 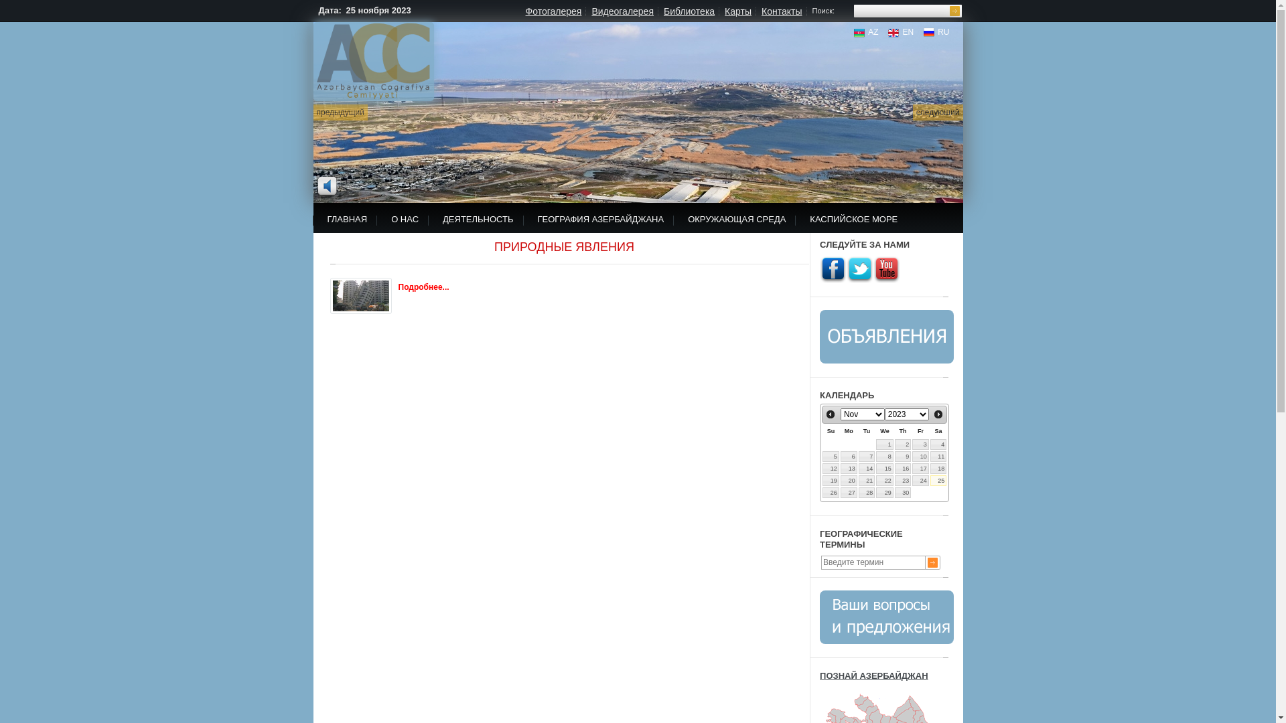 I want to click on 'AZ', so click(x=865, y=31).